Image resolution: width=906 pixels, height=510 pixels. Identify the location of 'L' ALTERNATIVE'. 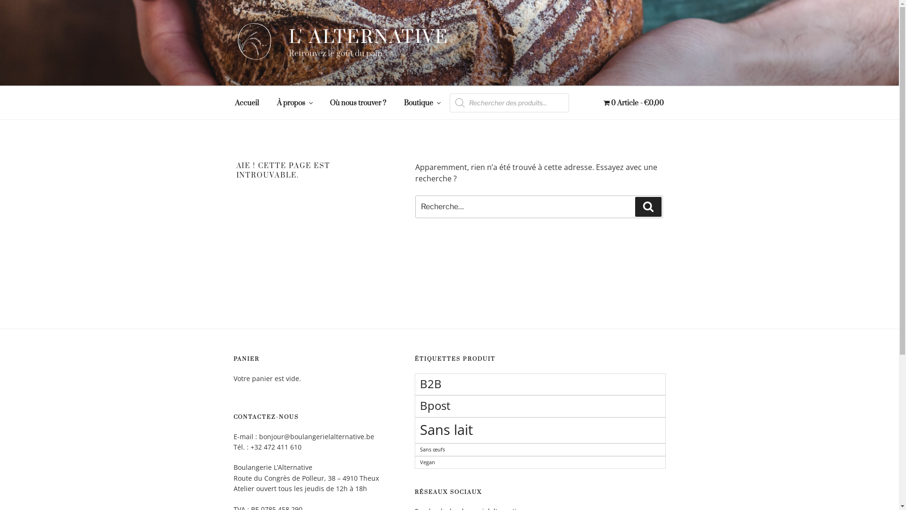
(368, 36).